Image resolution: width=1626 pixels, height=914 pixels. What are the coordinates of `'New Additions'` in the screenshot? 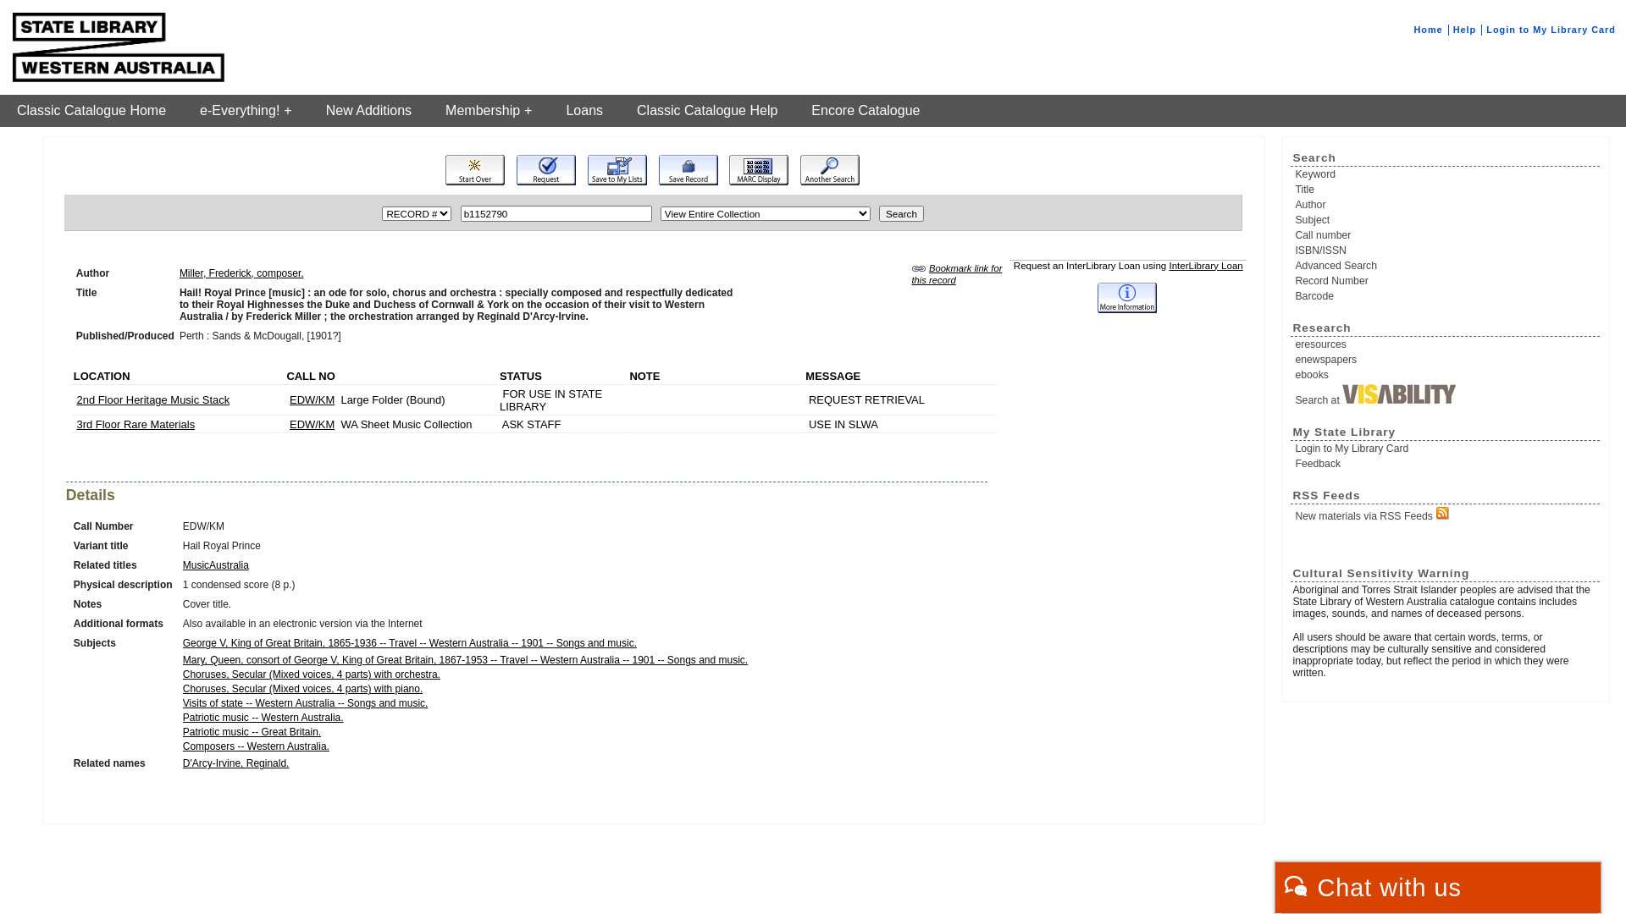 It's located at (368, 111).